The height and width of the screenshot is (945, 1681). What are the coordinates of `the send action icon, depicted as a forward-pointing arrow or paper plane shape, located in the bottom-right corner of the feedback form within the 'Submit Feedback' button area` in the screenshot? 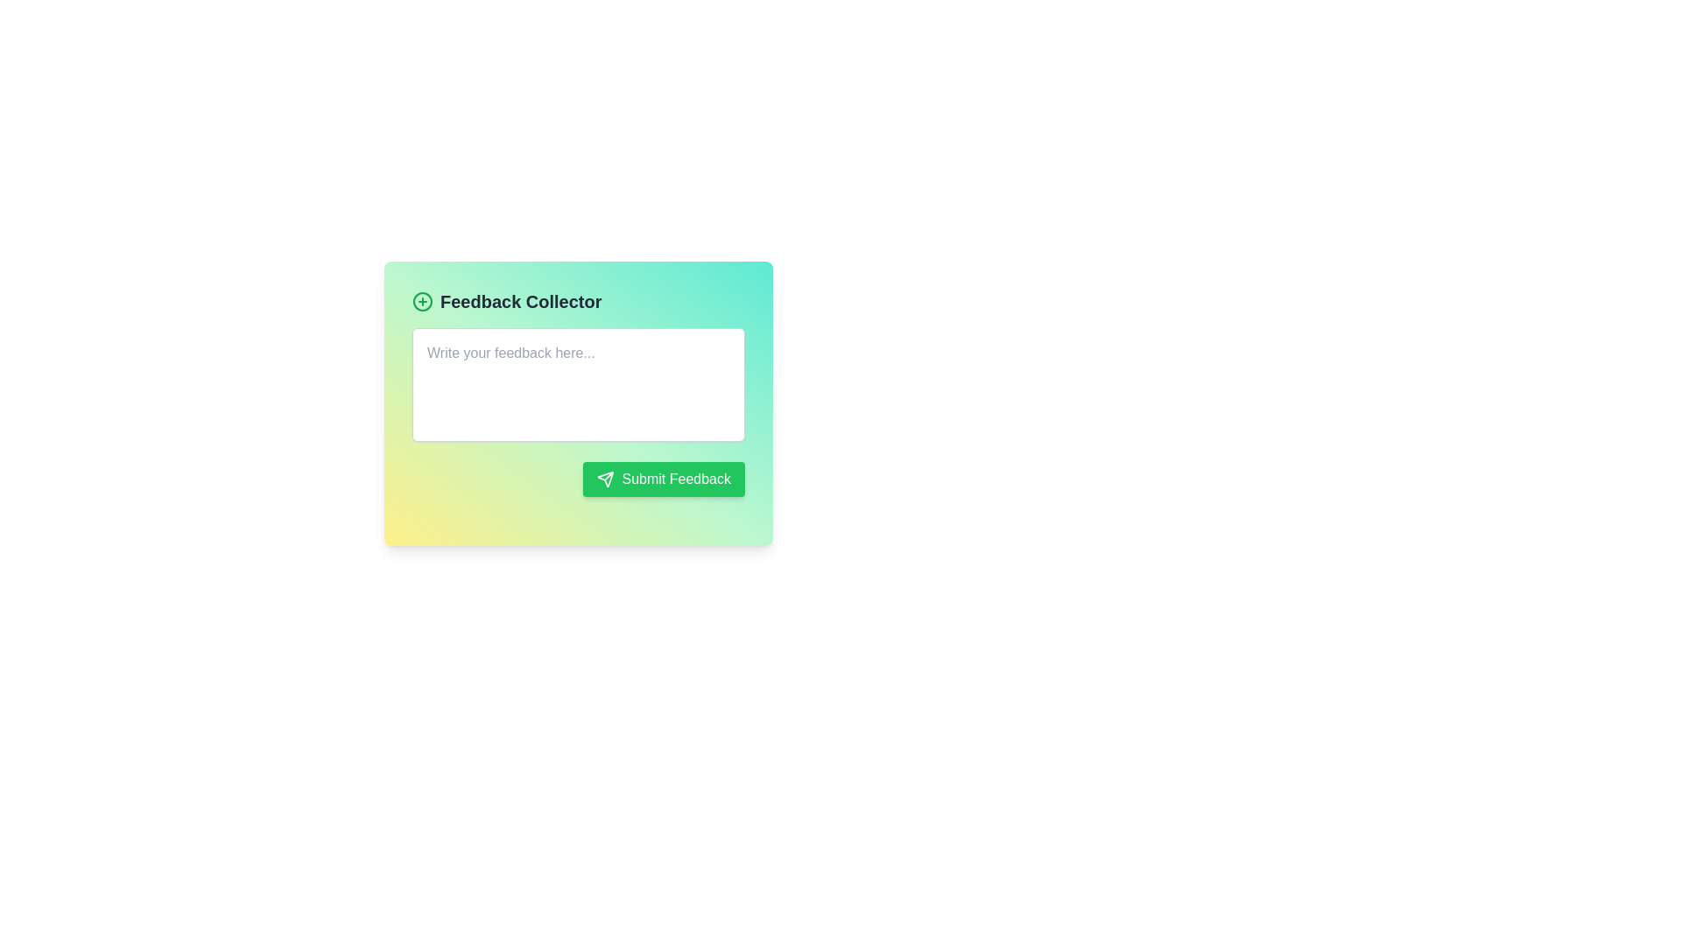 It's located at (606, 479).